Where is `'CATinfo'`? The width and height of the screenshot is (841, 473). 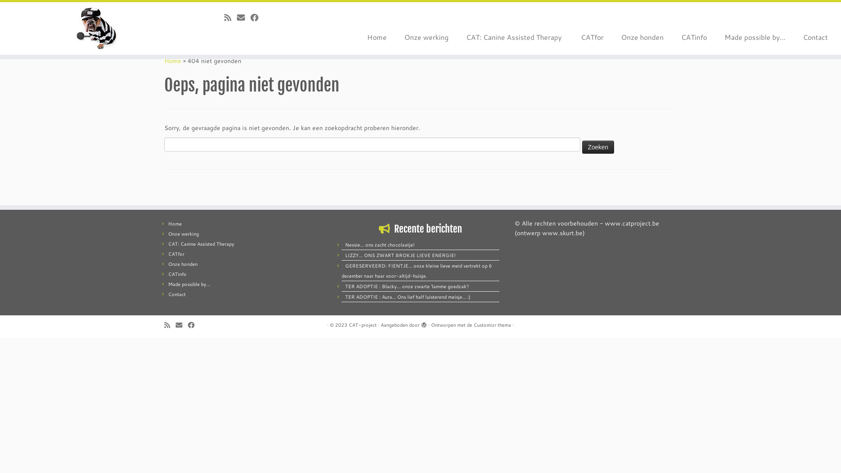
'CATinfo' is located at coordinates (693, 36).